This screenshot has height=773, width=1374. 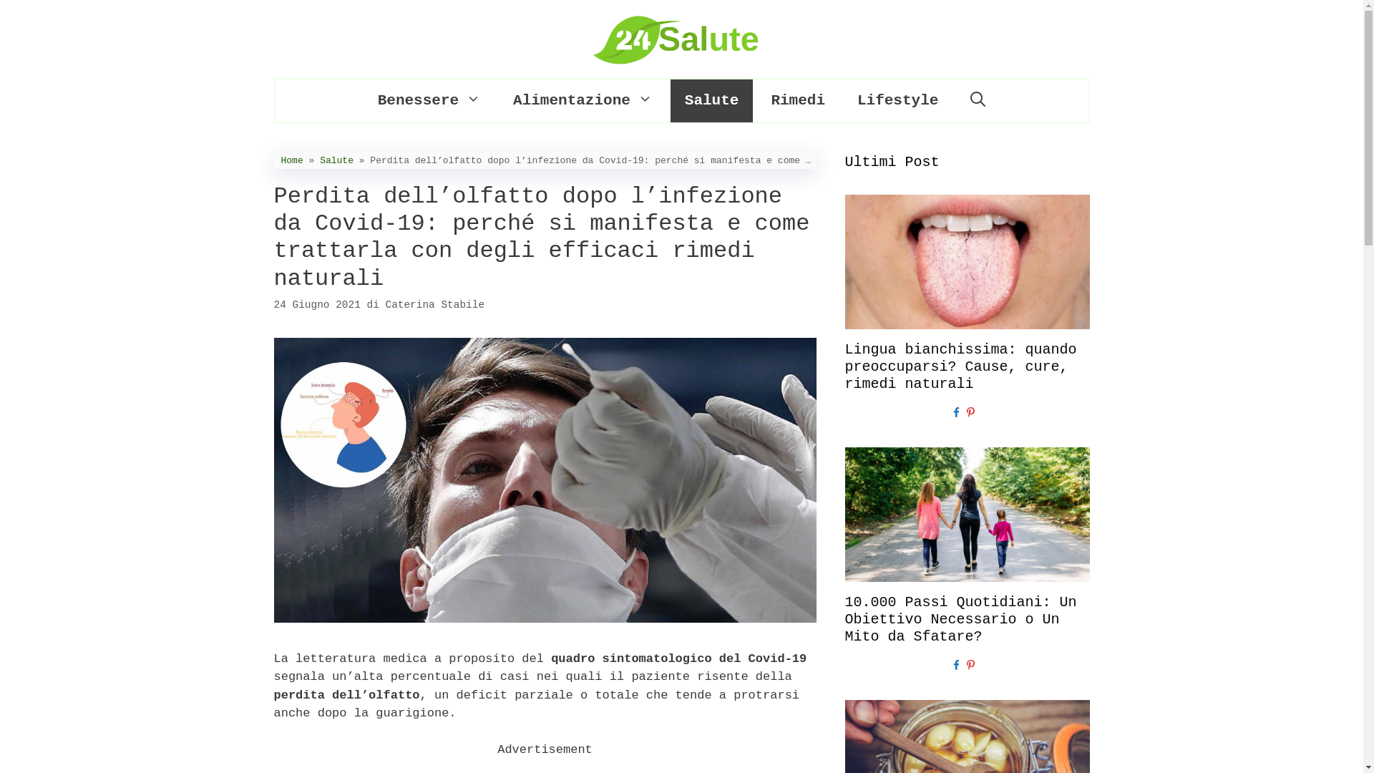 I want to click on 'Home', so click(x=291, y=160).